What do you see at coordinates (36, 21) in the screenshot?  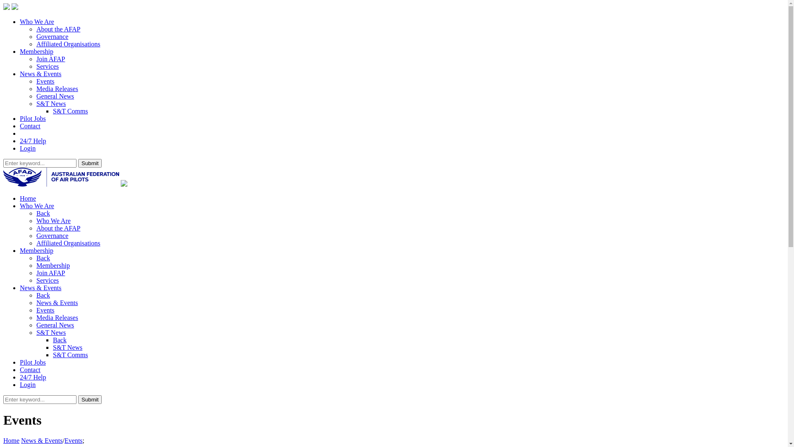 I see `'Who We Are'` at bounding box center [36, 21].